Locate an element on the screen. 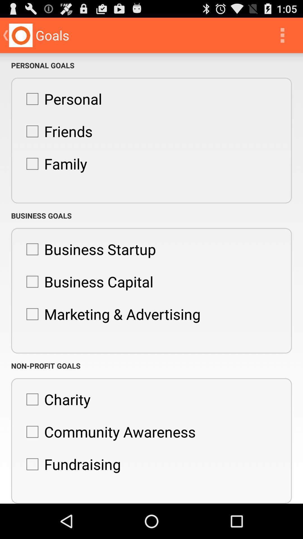 Image resolution: width=303 pixels, height=539 pixels. the business startup is located at coordinates (88, 249).